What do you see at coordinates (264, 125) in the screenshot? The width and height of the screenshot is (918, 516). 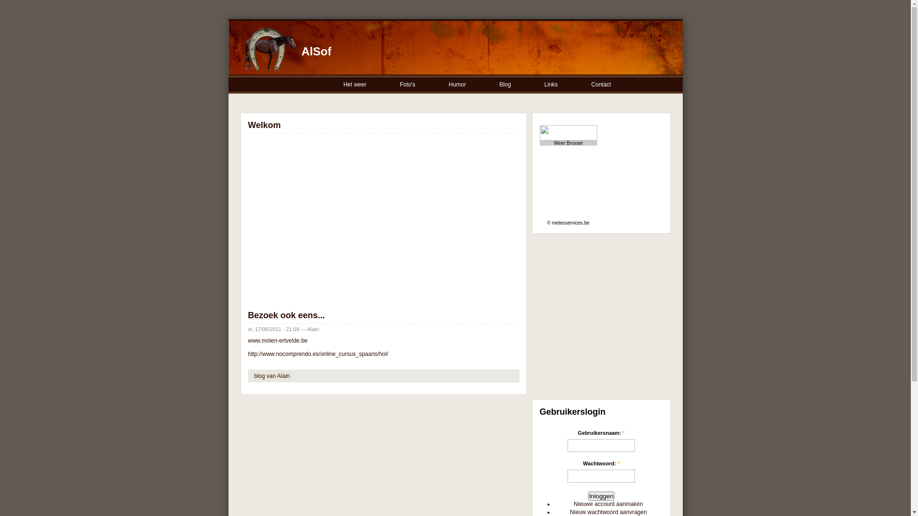 I see `'Welkom'` at bounding box center [264, 125].